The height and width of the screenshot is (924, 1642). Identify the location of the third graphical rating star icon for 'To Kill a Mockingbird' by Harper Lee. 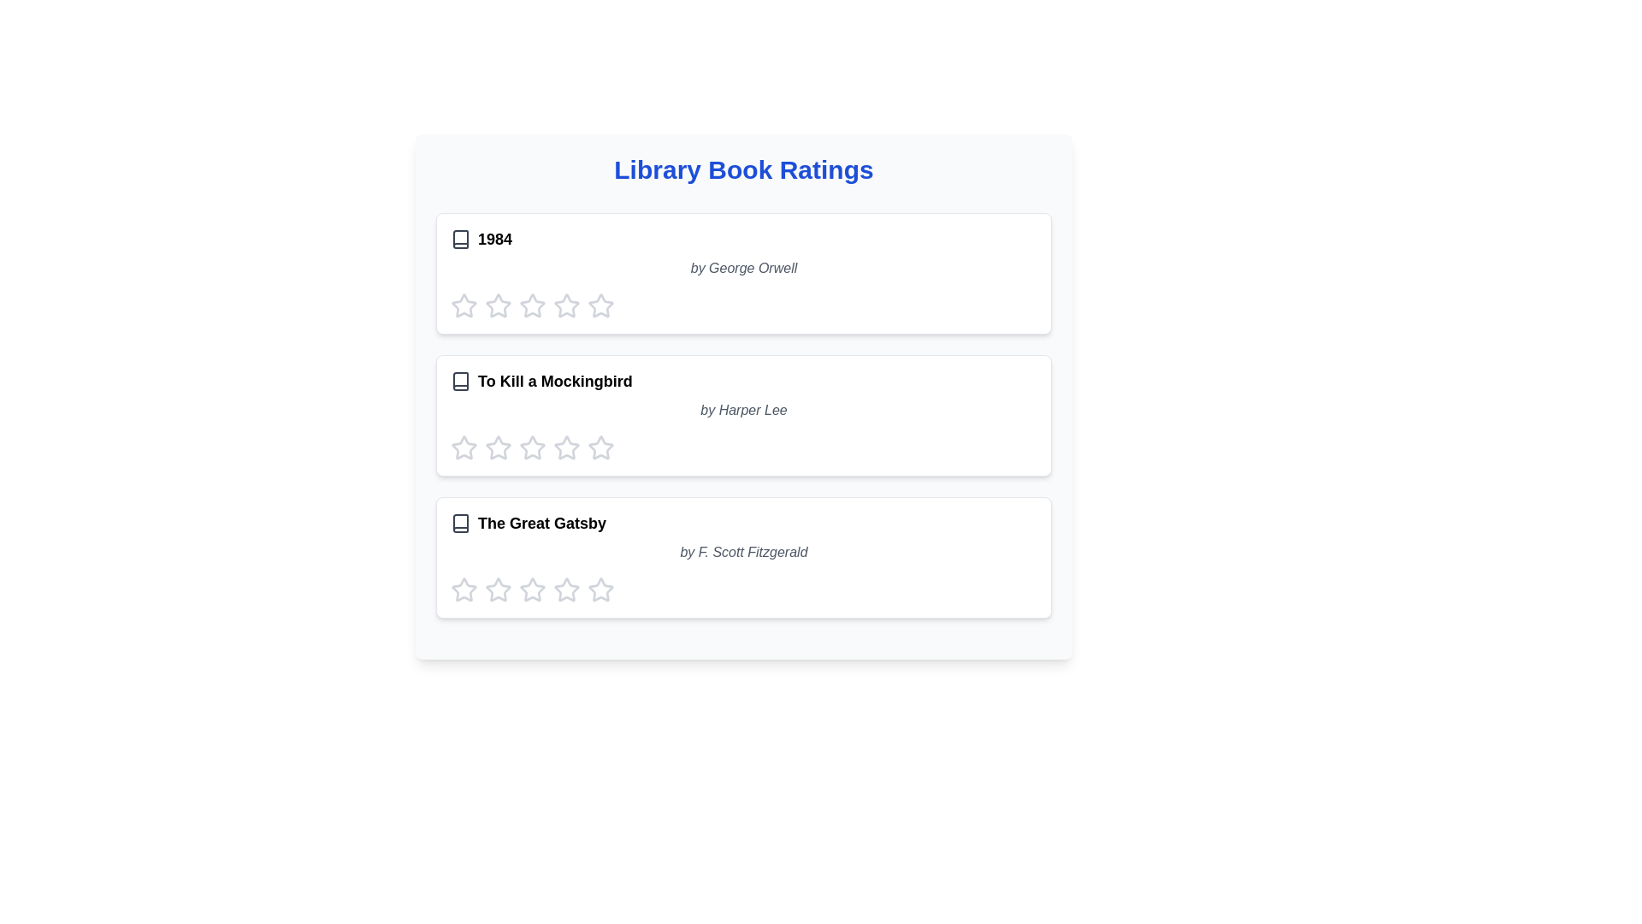
(566, 447).